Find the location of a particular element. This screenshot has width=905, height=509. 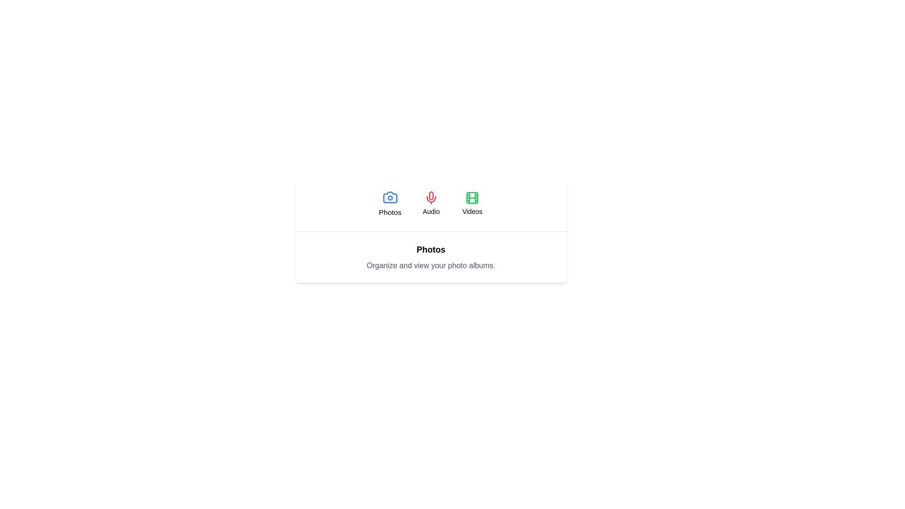

the Videos tab is located at coordinates (472, 203).